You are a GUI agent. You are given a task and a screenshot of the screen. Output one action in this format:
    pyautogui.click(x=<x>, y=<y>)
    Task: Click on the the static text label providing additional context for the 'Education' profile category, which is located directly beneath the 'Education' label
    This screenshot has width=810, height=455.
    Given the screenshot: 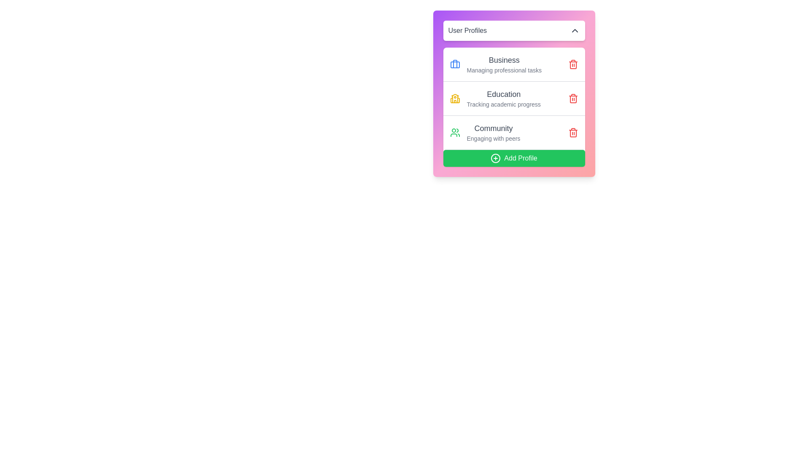 What is the action you would take?
    pyautogui.click(x=504, y=104)
    